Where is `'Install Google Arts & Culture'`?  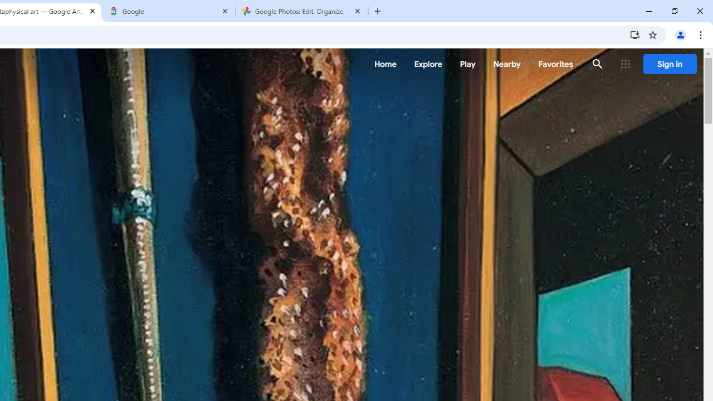 'Install Google Arts & Culture' is located at coordinates (634, 34).